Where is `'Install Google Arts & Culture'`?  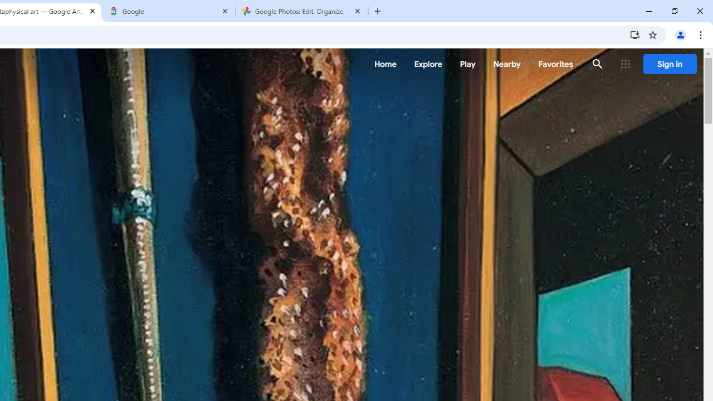 'Install Google Arts & Culture' is located at coordinates (634, 34).